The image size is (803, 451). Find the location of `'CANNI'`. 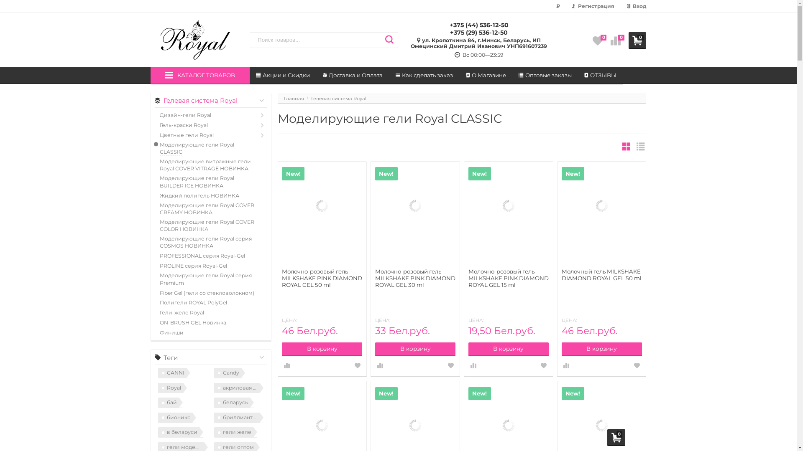

'CANNI' is located at coordinates (174, 372).